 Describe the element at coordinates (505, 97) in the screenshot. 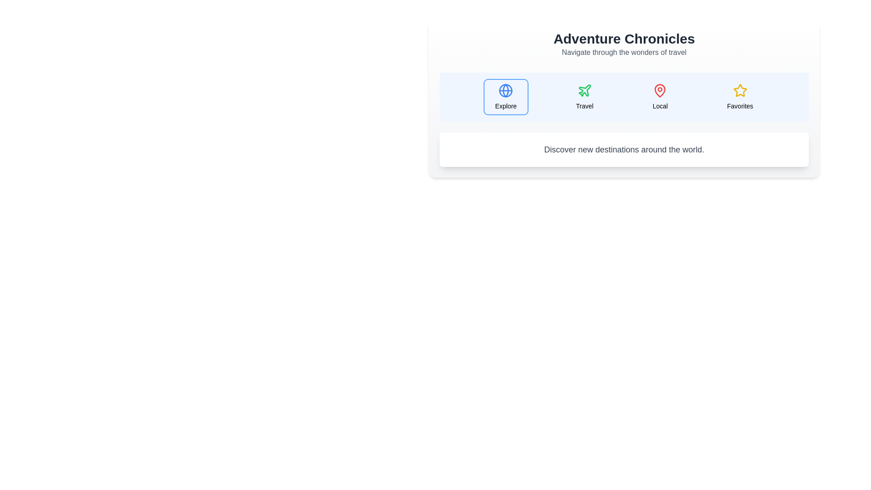

I see `the tab labeled Explore to switch the displayed content` at that location.